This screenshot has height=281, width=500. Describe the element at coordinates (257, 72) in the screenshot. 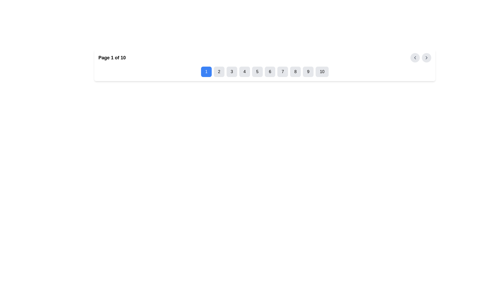

I see `the rounded rectangular button labeled '5' with a light gray background` at that location.